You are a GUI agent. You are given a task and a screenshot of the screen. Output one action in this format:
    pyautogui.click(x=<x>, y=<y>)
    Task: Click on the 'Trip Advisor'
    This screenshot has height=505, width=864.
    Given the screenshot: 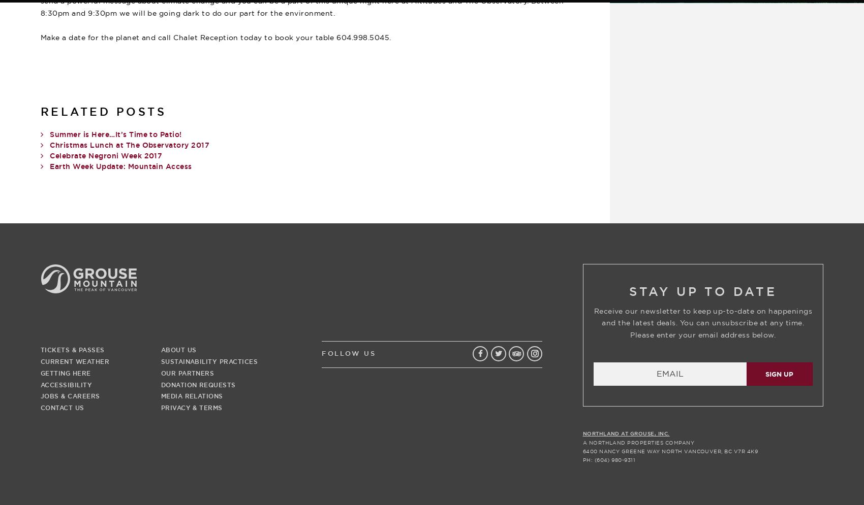 What is the action you would take?
    pyautogui.click(x=524, y=371)
    